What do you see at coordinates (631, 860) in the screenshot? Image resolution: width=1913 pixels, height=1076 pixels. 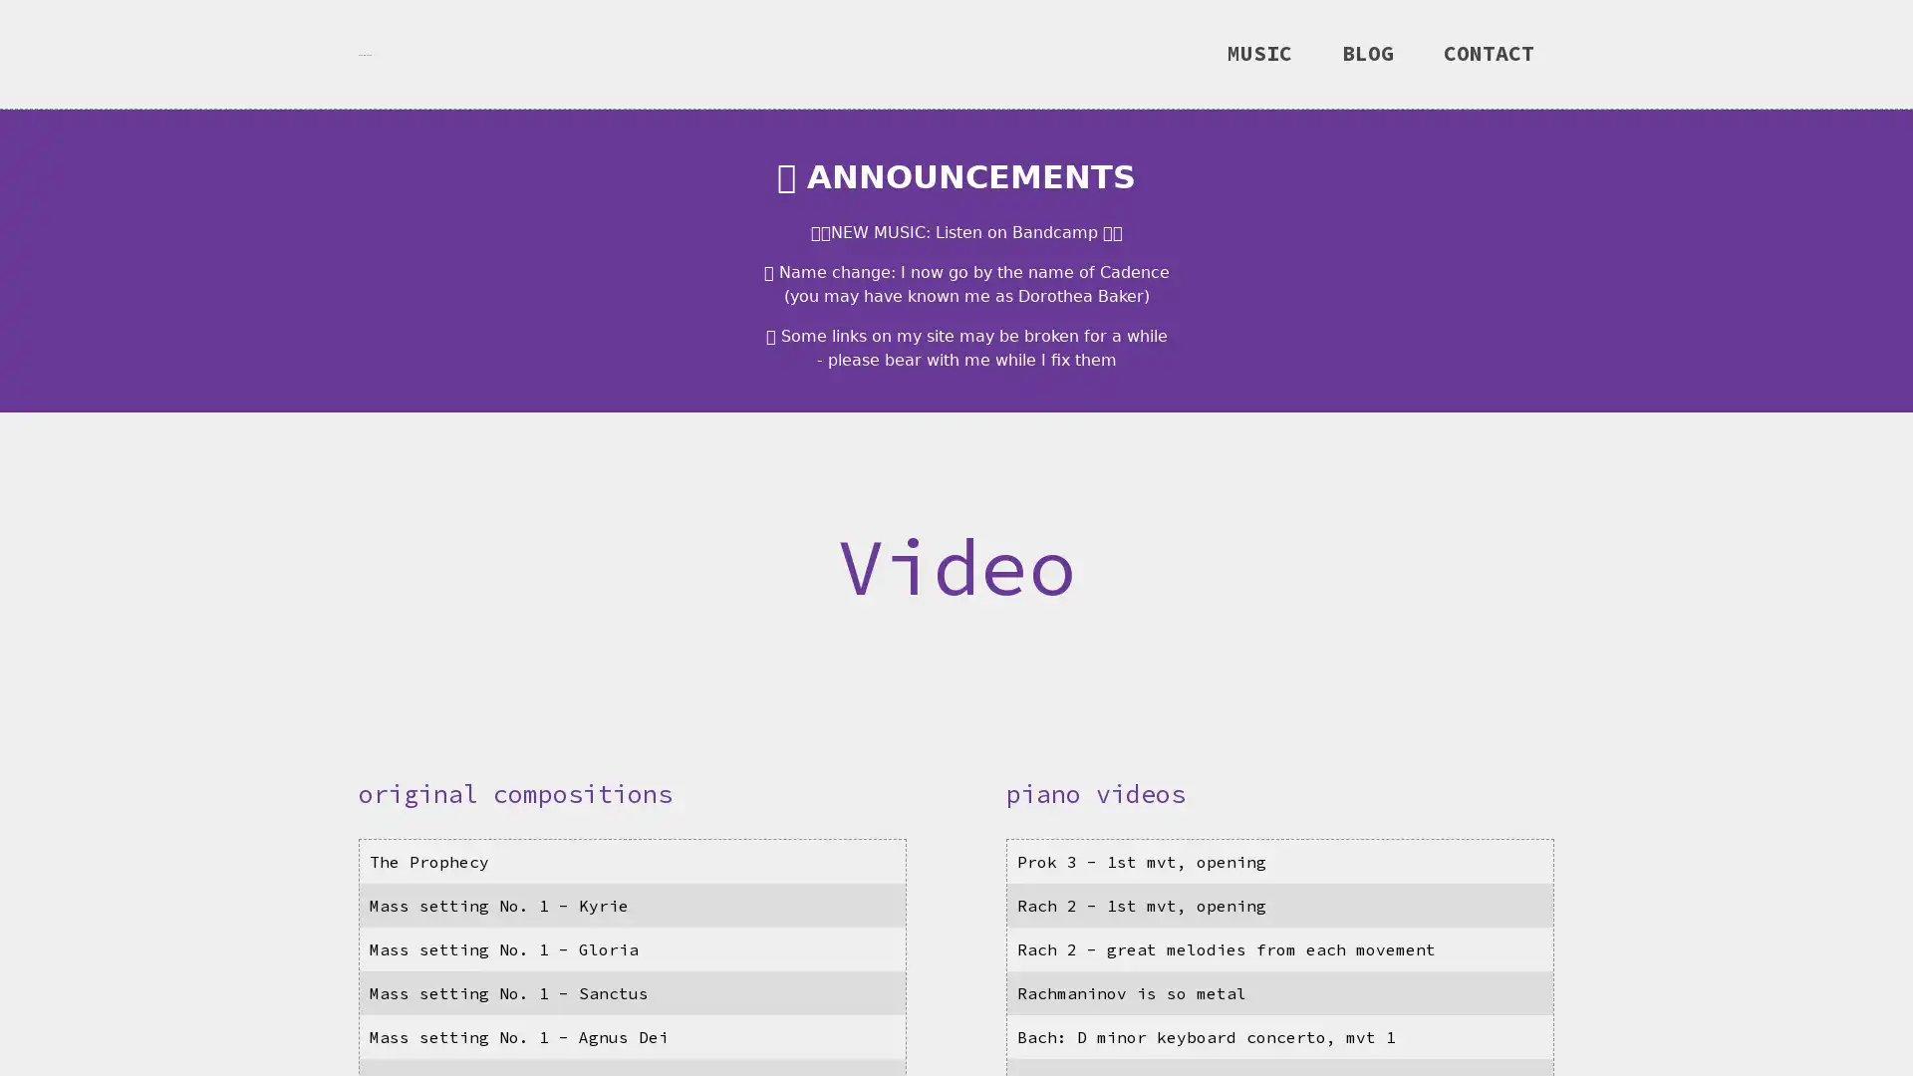 I see `video: The Prophecy` at bounding box center [631, 860].